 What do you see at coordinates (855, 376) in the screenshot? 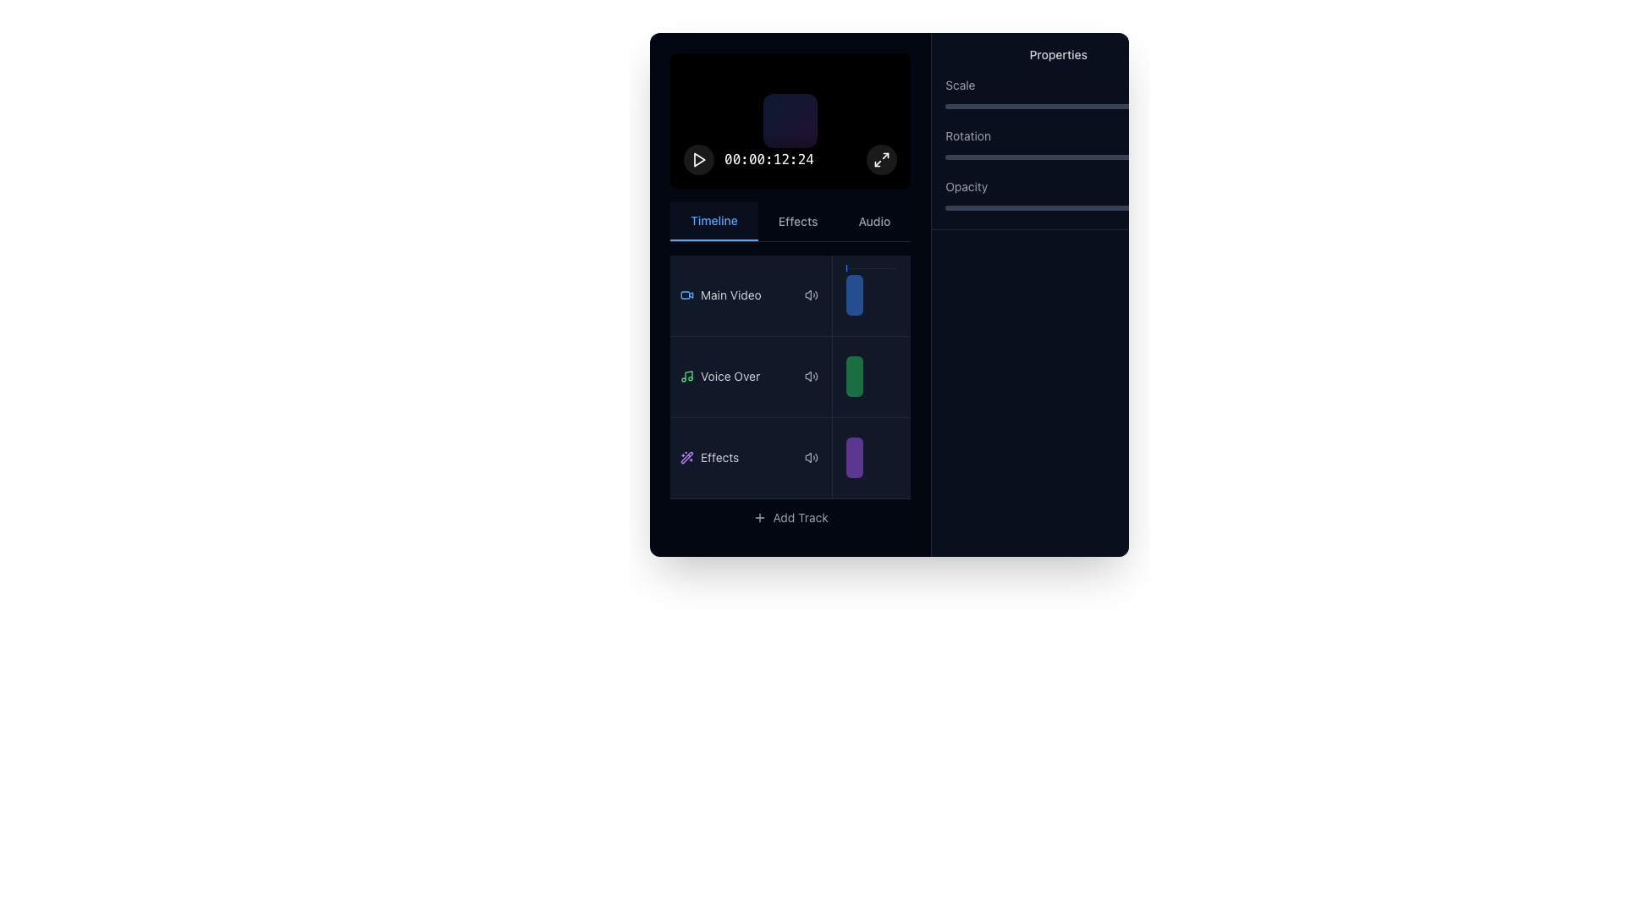
I see `the vertically-oriented green rectangular handle with rounded corners located in the Voice Over track row on the far right` at bounding box center [855, 376].